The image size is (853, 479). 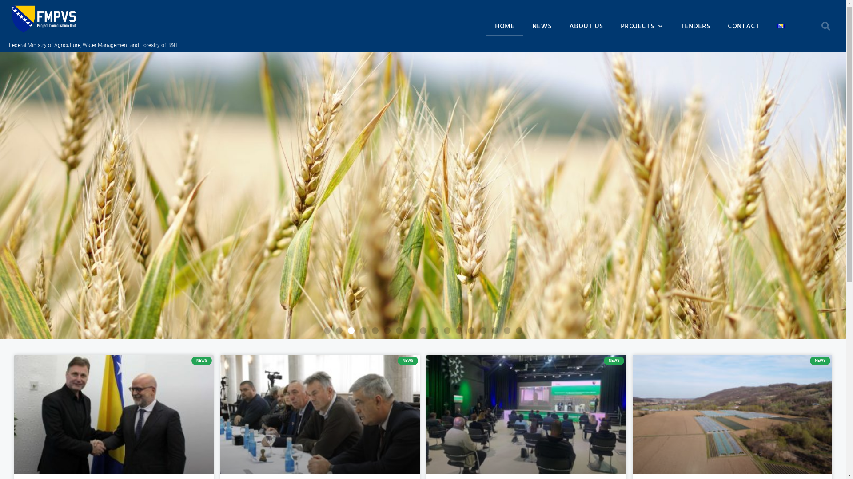 I want to click on 'ABOUT US', so click(x=560, y=25).